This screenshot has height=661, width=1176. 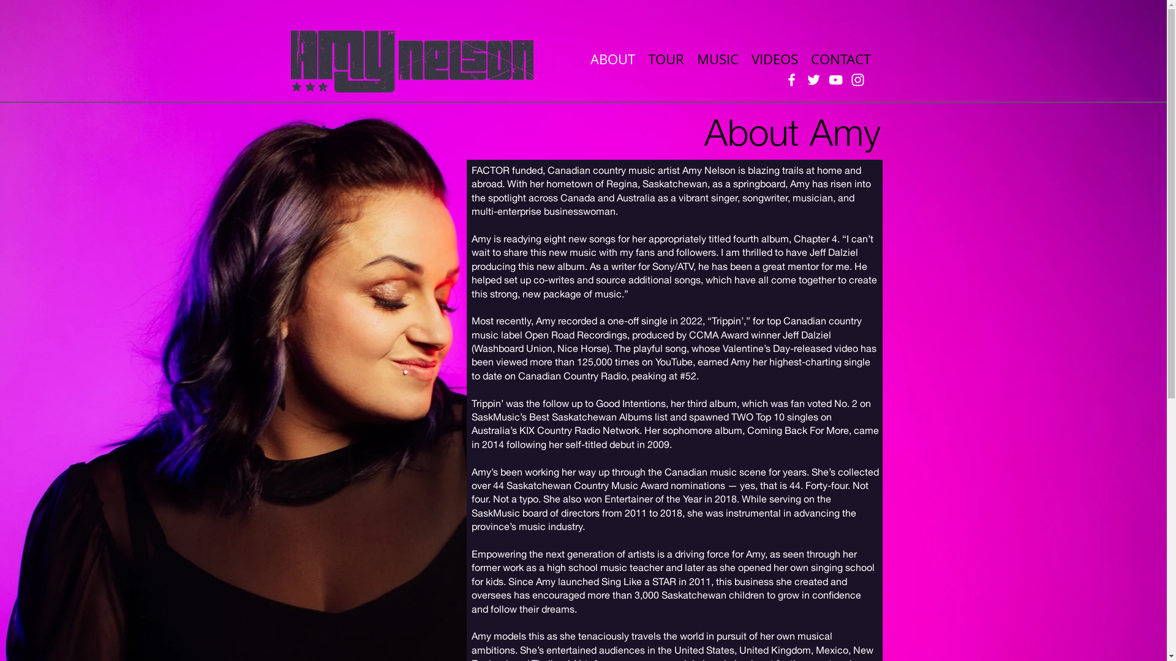 What do you see at coordinates (717, 58) in the screenshot?
I see `'MUSIC'` at bounding box center [717, 58].